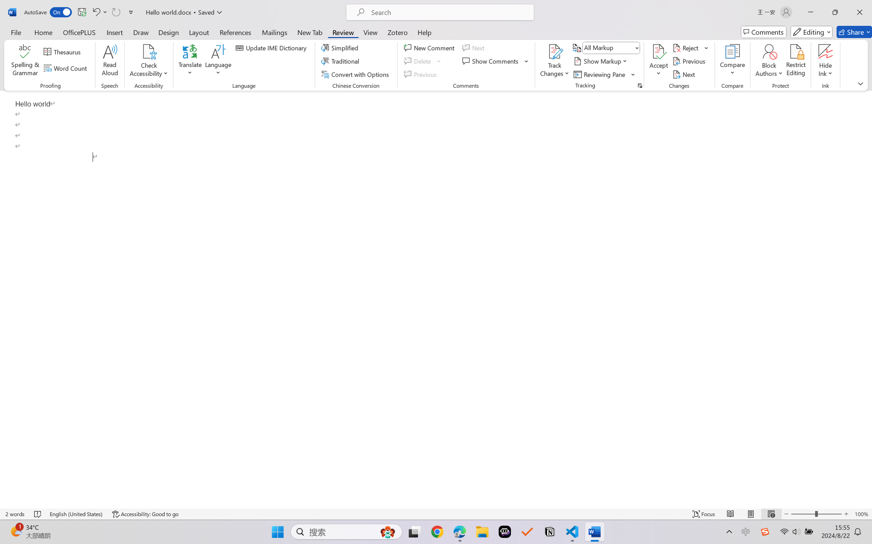 The image size is (872, 544). What do you see at coordinates (763, 32) in the screenshot?
I see `'Comments'` at bounding box center [763, 32].